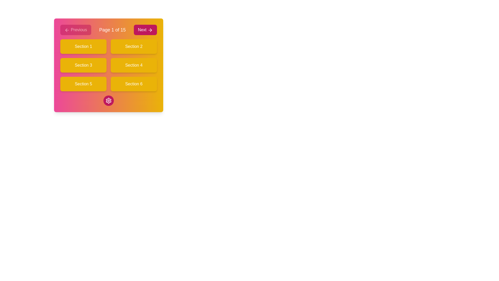 The image size is (499, 281). What do you see at coordinates (83, 84) in the screenshot?
I see `the interactive button located in the bottom-left position of a 2x3 grid layout that navigates to 'Section 5'` at bounding box center [83, 84].